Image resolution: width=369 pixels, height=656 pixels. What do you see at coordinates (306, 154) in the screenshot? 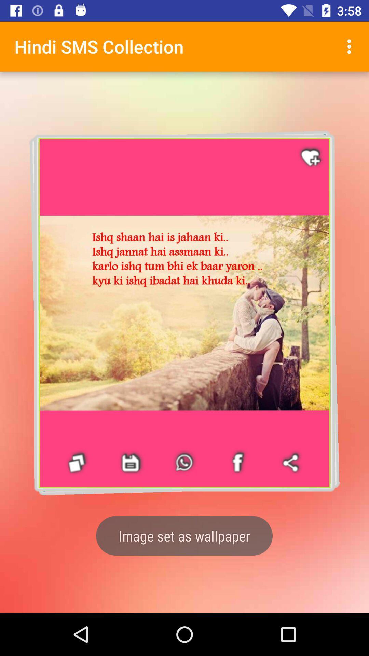
I see `the favorite icon` at bounding box center [306, 154].